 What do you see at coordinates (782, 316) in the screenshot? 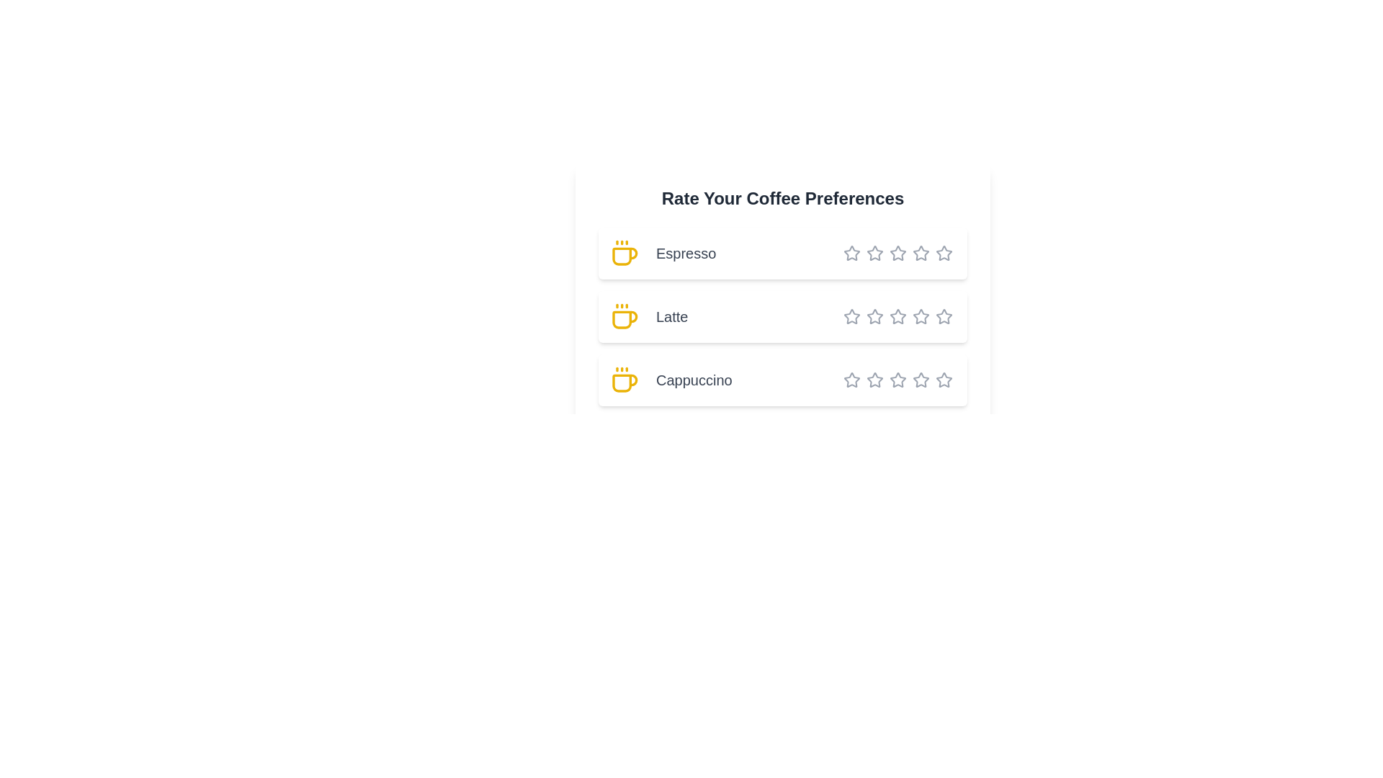
I see `the coffee name Latte to select the text` at bounding box center [782, 316].